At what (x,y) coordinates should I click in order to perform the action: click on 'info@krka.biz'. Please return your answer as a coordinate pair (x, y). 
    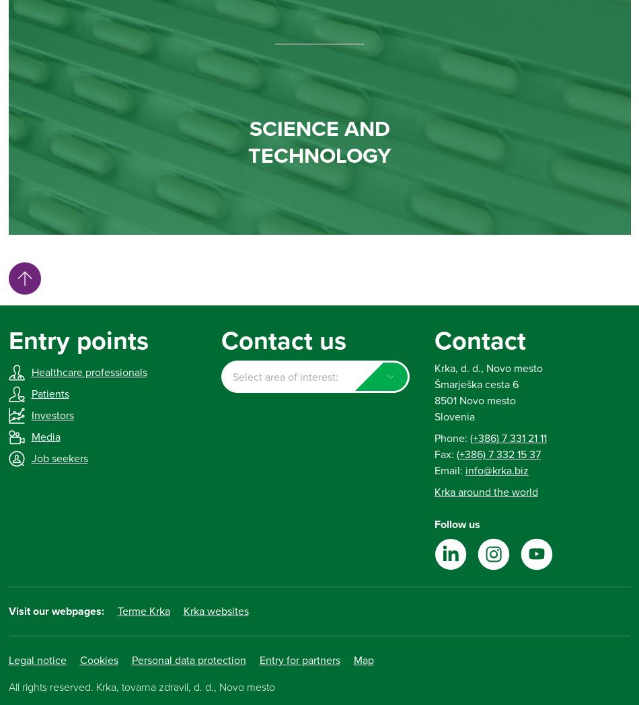
    Looking at the image, I should click on (465, 470).